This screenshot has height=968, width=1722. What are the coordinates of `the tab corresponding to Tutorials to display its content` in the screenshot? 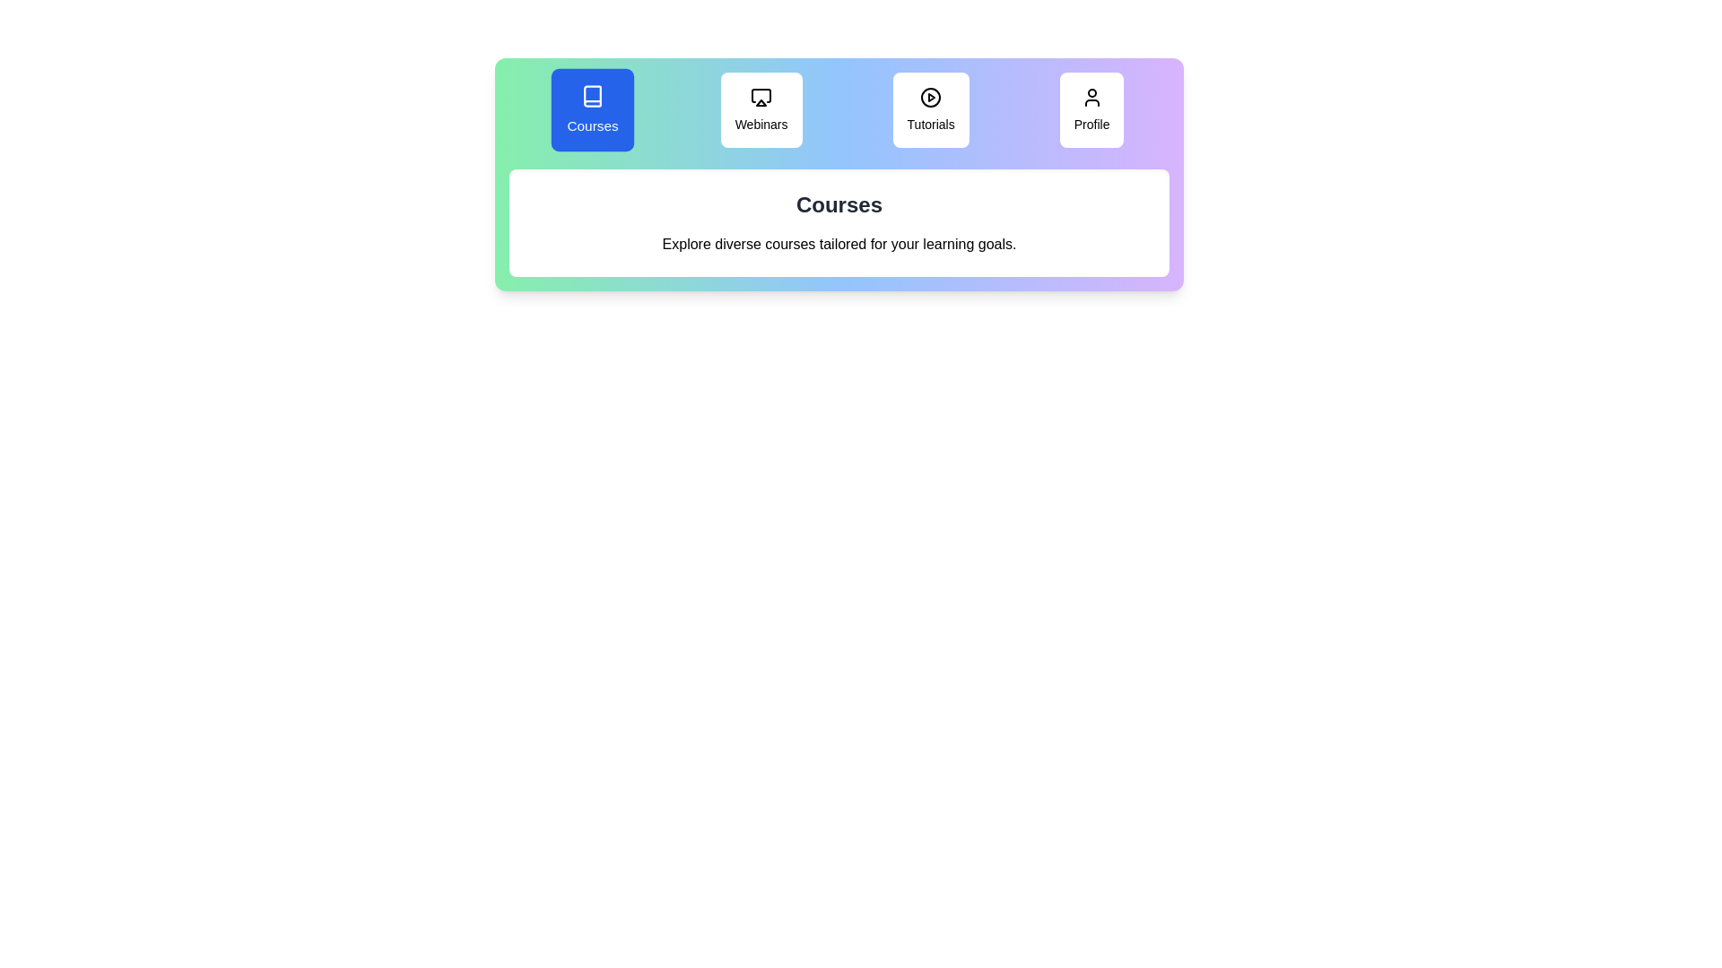 It's located at (930, 110).